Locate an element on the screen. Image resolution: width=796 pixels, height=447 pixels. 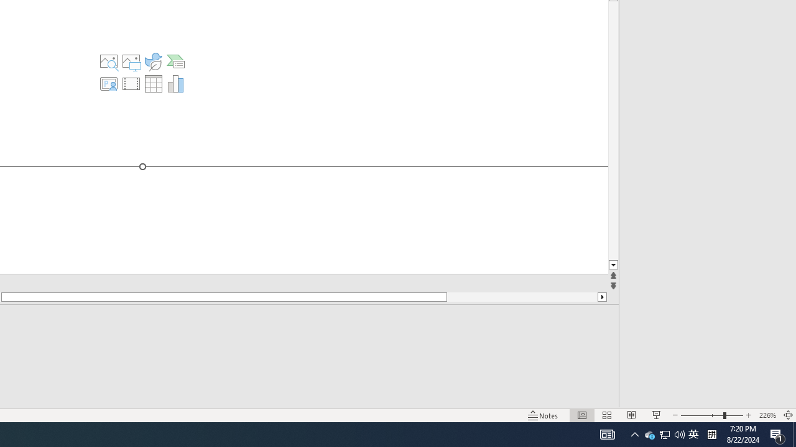
'Zoom 226%' is located at coordinates (767, 415).